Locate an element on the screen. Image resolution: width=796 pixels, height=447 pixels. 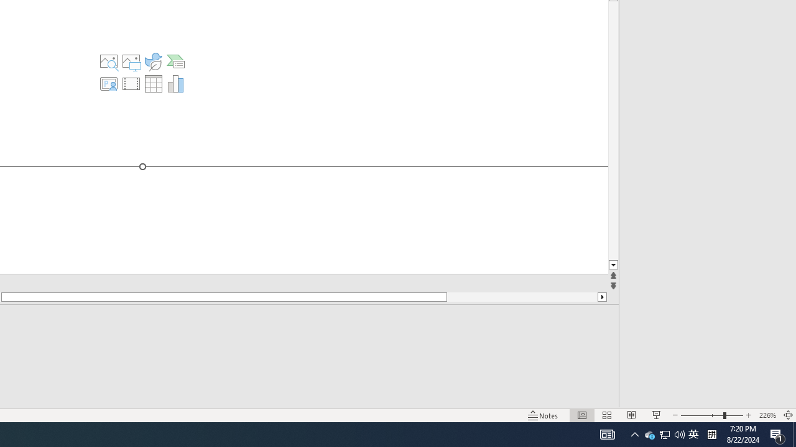
'Zoom 226%' is located at coordinates (767, 415).